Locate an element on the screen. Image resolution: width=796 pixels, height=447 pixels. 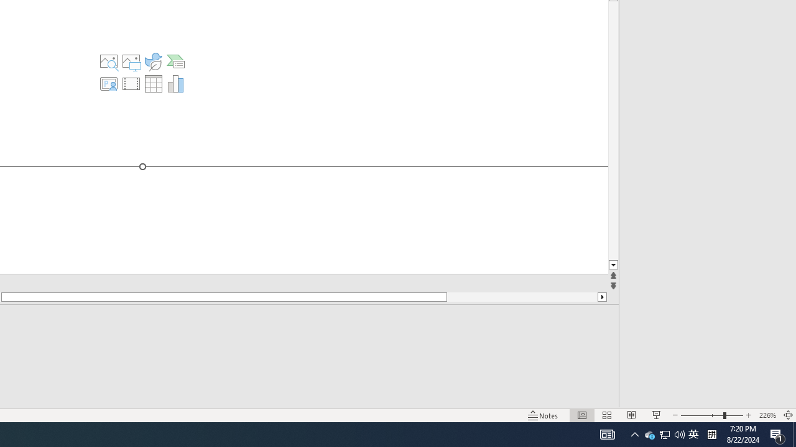
'Zoom 226%' is located at coordinates (767, 415).